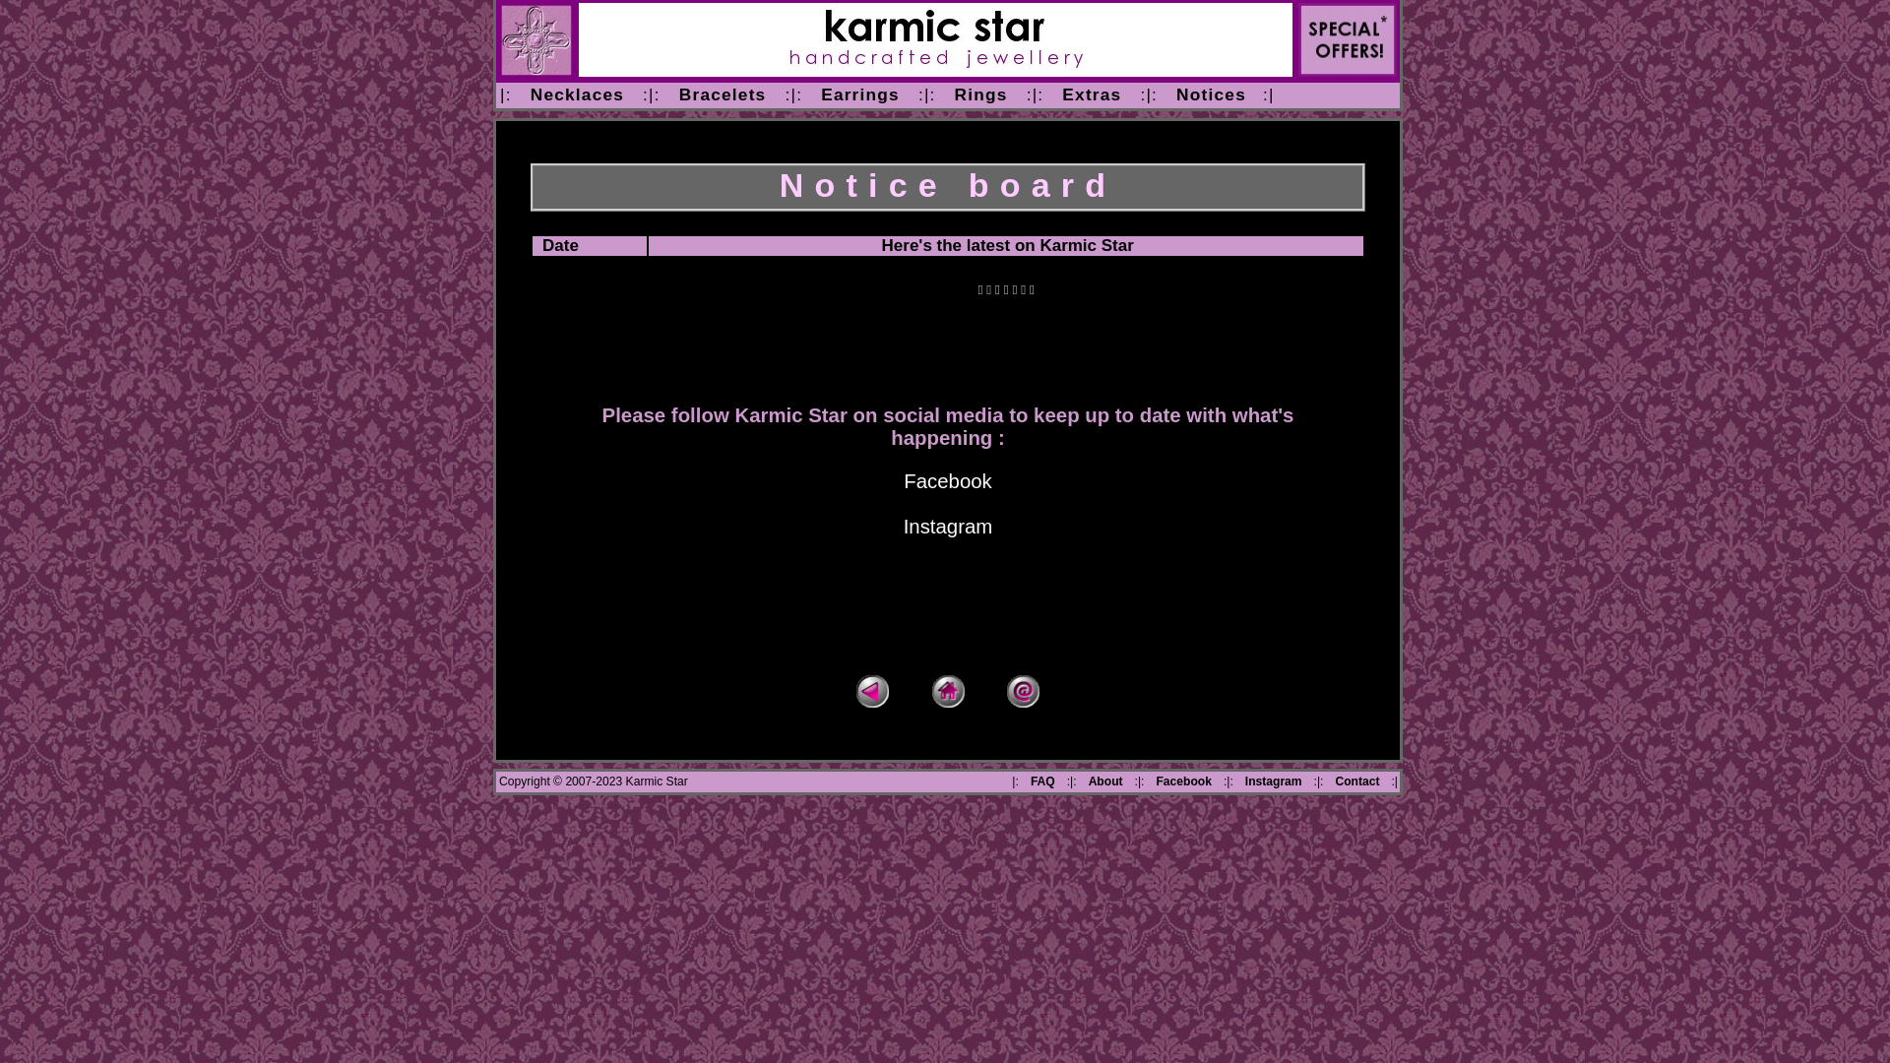 This screenshot has width=1890, height=1063. Describe the element at coordinates (947, 690) in the screenshot. I see `'Home'` at that location.